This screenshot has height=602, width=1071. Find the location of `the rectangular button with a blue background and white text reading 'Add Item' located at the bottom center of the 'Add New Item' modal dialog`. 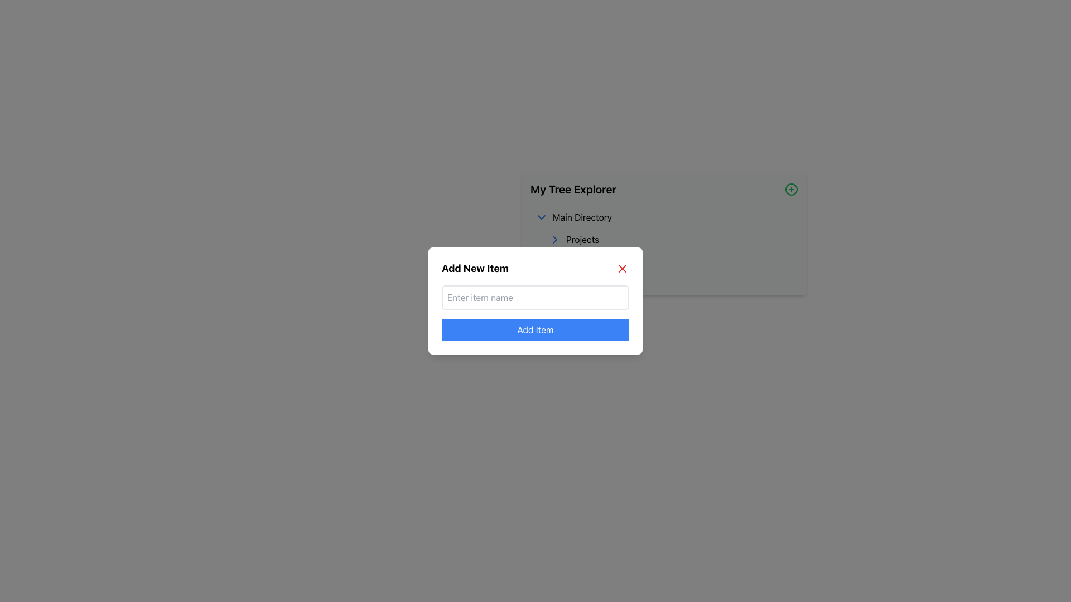

the rectangular button with a blue background and white text reading 'Add Item' located at the bottom center of the 'Add New Item' modal dialog is located at coordinates (535, 329).